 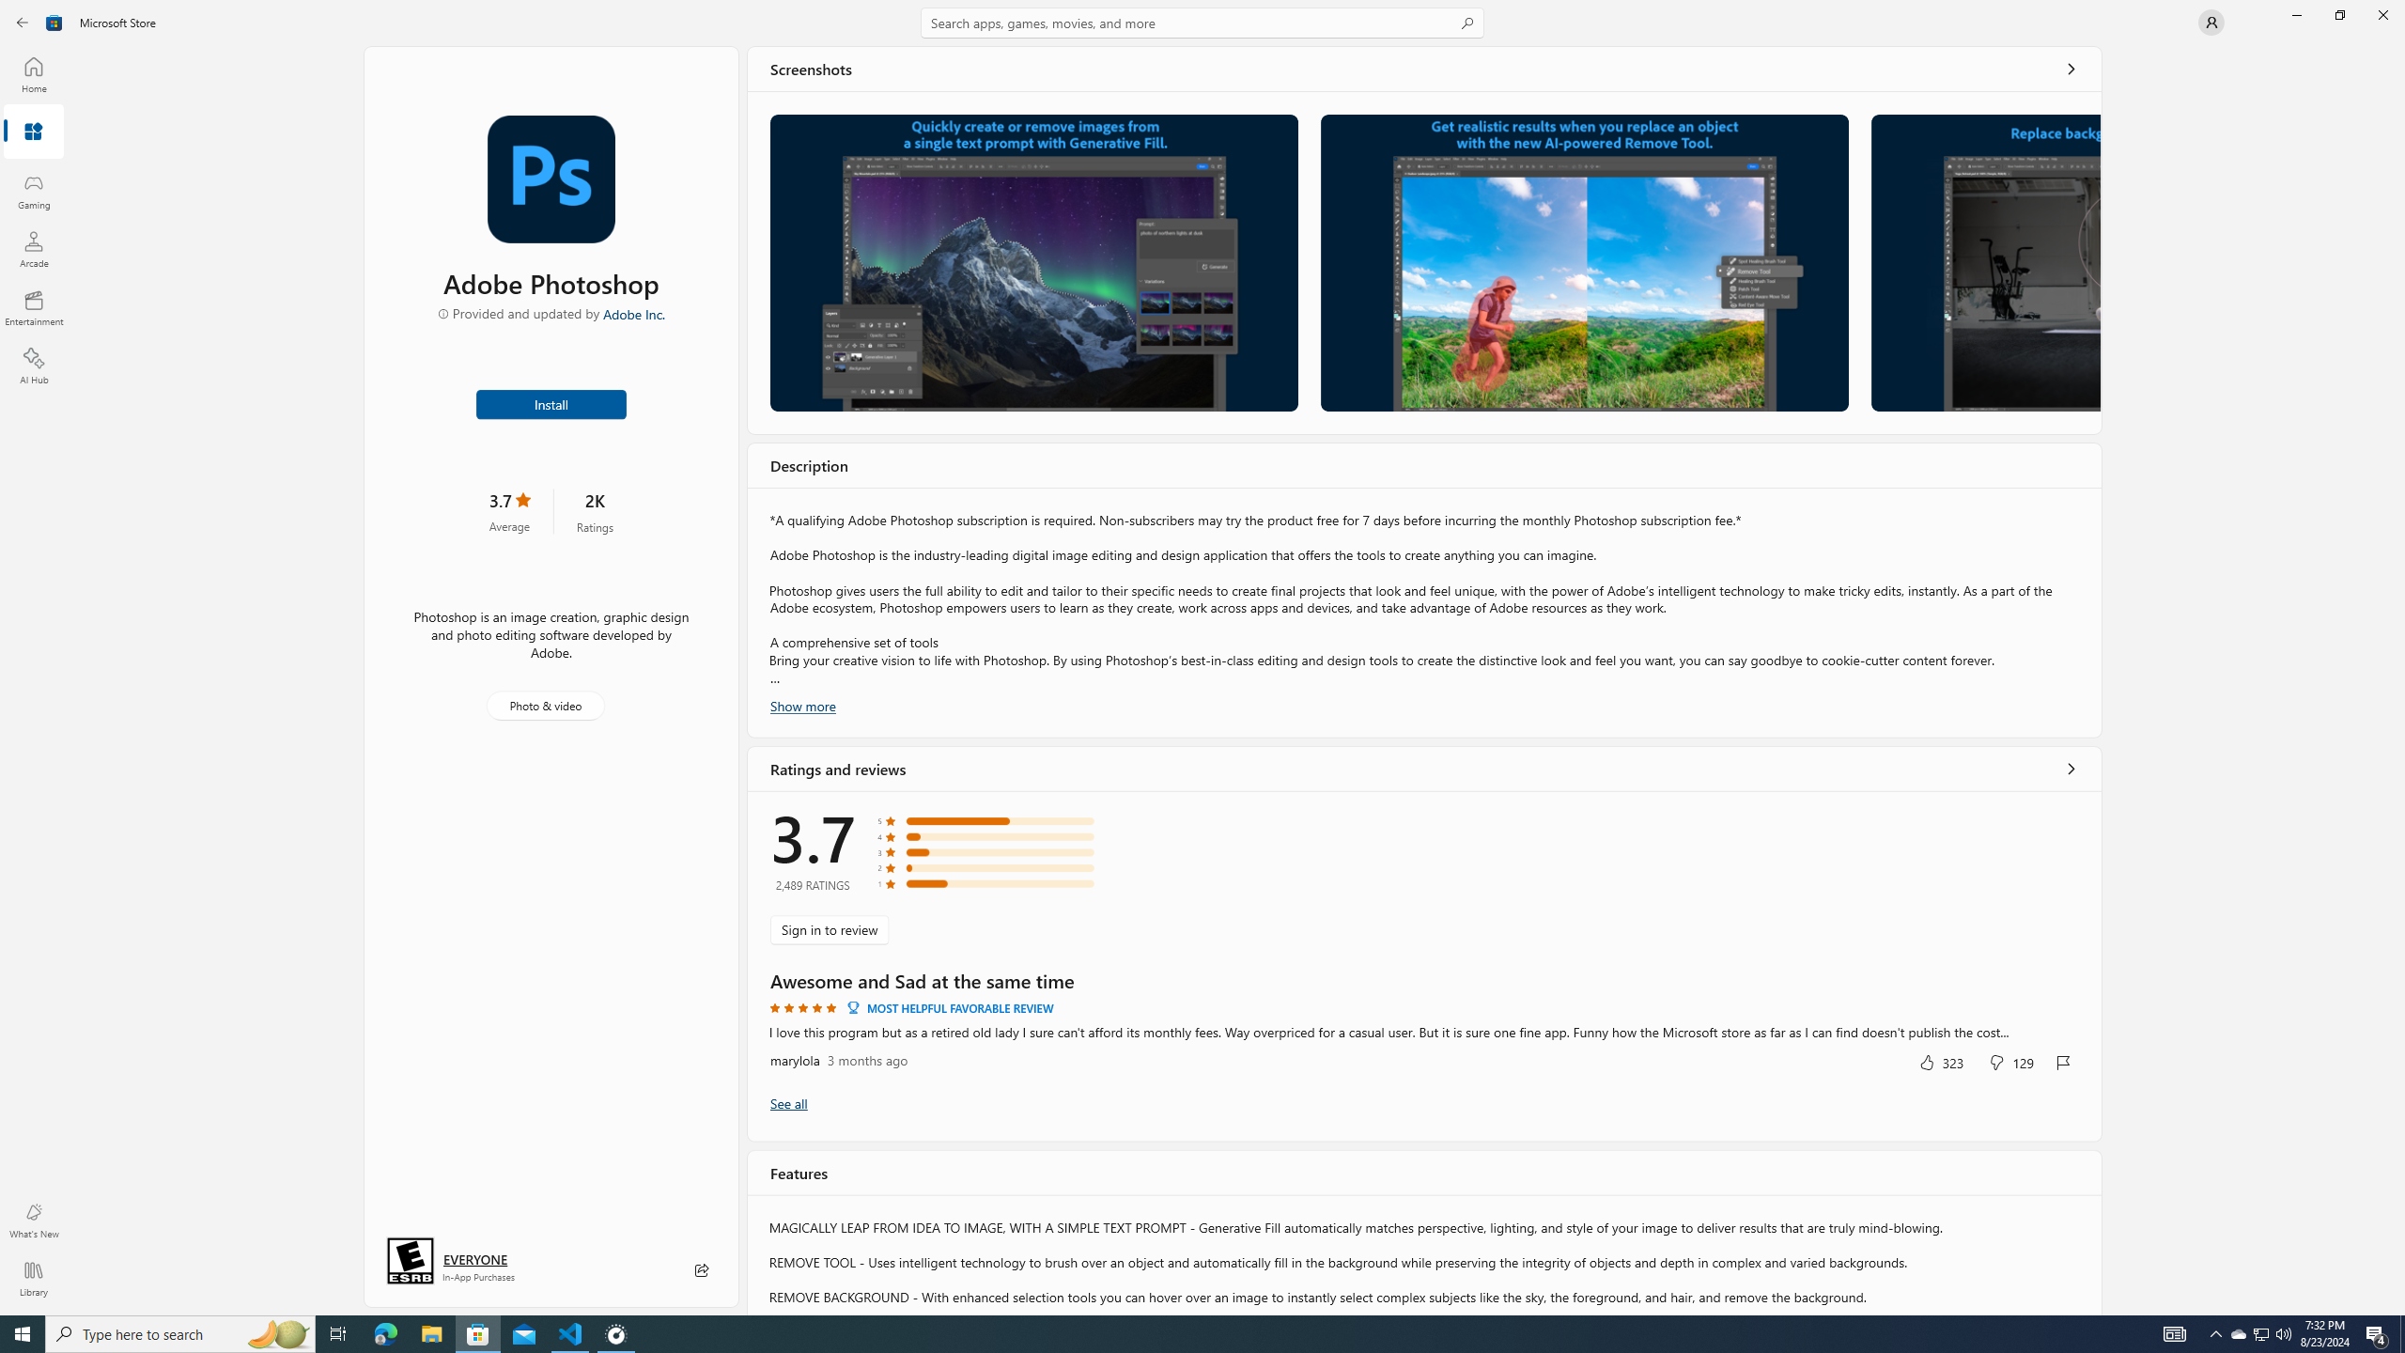 I want to click on 'Home', so click(x=32, y=73).